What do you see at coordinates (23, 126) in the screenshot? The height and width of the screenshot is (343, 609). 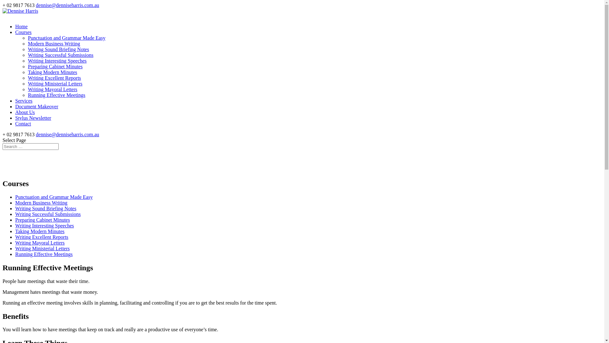 I see `'Contact'` at bounding box center [23, 126].